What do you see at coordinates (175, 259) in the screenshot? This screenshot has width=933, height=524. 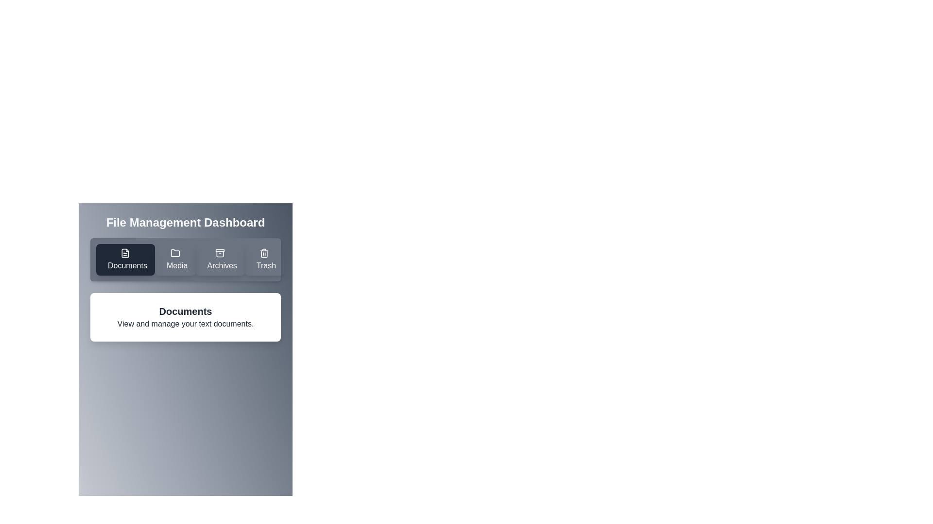 I see `the tab button corresponding to Media` at bounding box center [175, 259].